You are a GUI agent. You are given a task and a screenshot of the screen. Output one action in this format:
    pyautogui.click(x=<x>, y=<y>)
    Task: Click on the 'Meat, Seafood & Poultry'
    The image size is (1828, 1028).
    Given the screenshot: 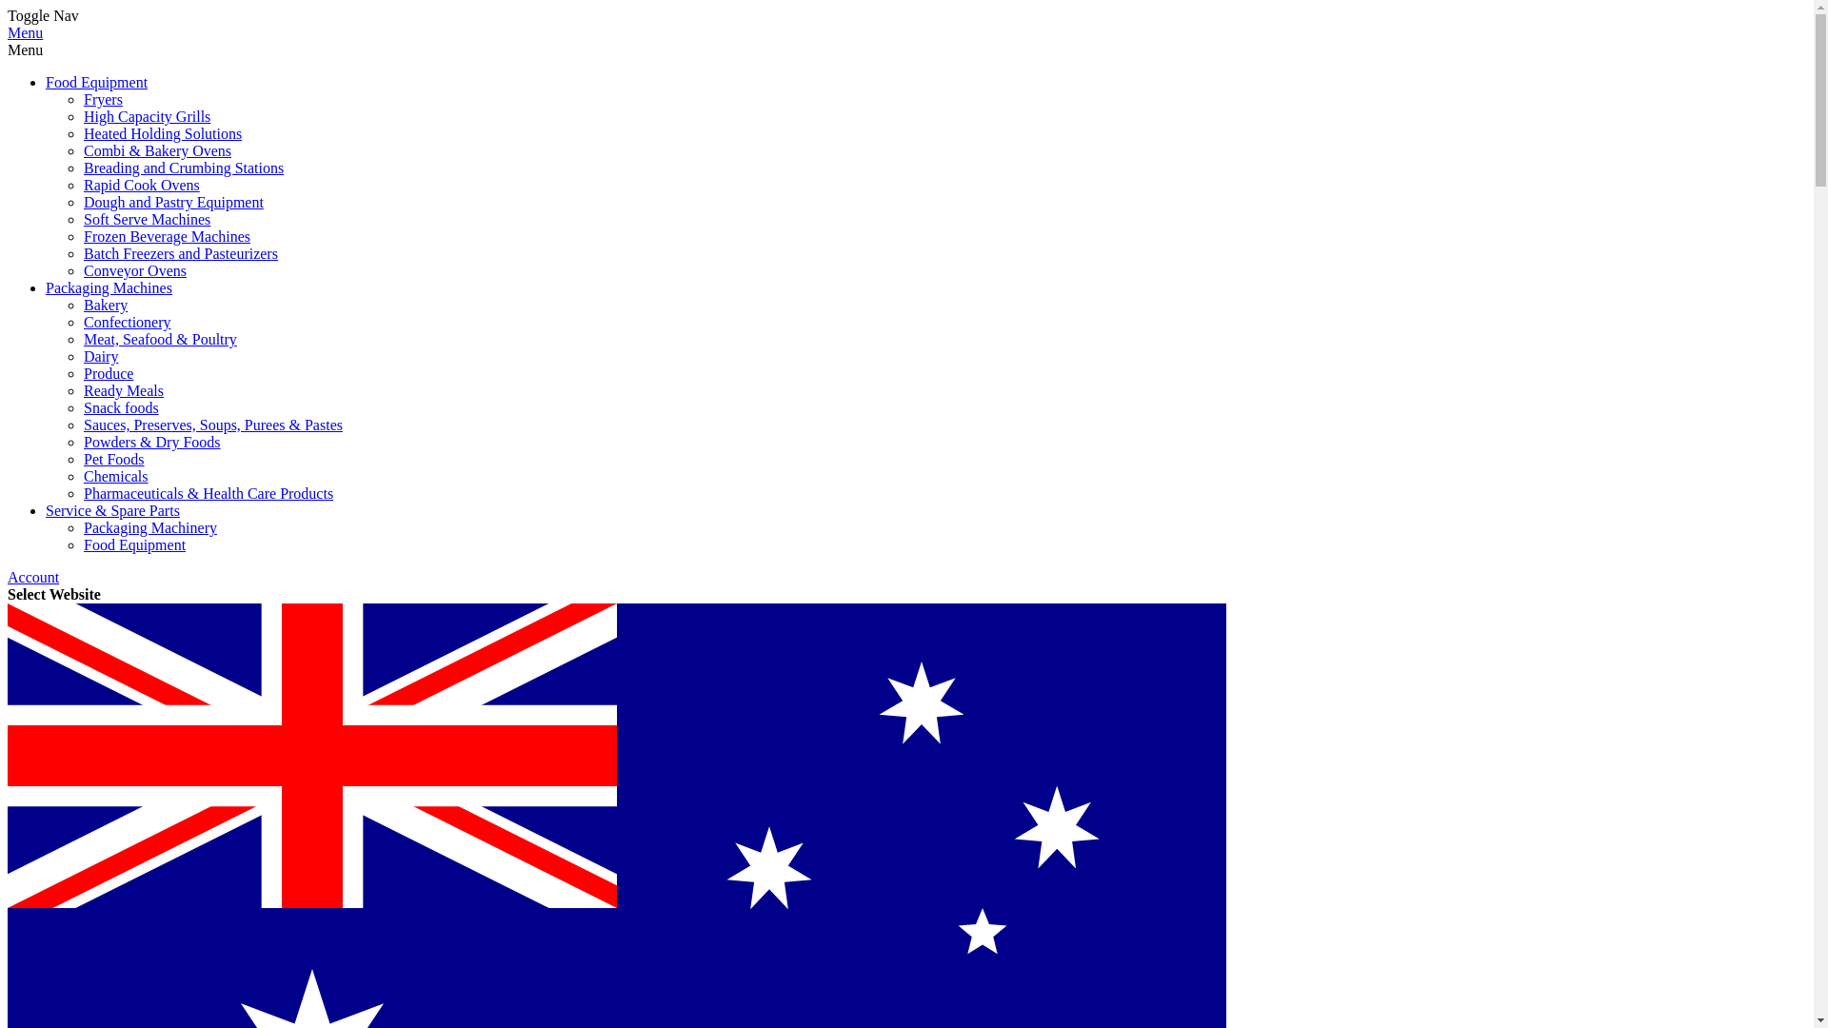 What is the action you would take?
    pyautogui.click(x=160, y=338)
    